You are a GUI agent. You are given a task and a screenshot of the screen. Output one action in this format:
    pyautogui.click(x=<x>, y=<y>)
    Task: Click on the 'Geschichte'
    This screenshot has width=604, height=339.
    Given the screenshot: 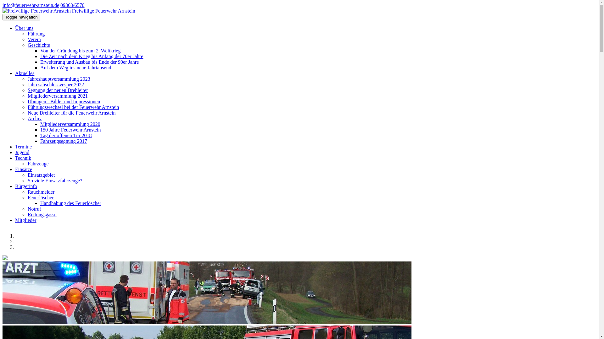 What is the action you would take?
    pyautogui.click(x=38, y=45)
    